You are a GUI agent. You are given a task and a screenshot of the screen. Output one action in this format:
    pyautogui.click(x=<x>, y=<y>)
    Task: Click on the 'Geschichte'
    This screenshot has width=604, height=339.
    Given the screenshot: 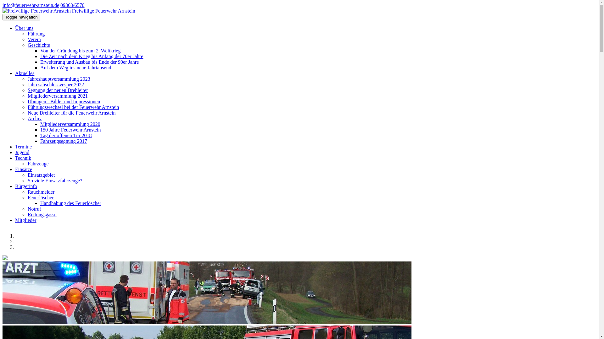 What is the action you would take?
    pyautogui.click(x=38, y=45)
    